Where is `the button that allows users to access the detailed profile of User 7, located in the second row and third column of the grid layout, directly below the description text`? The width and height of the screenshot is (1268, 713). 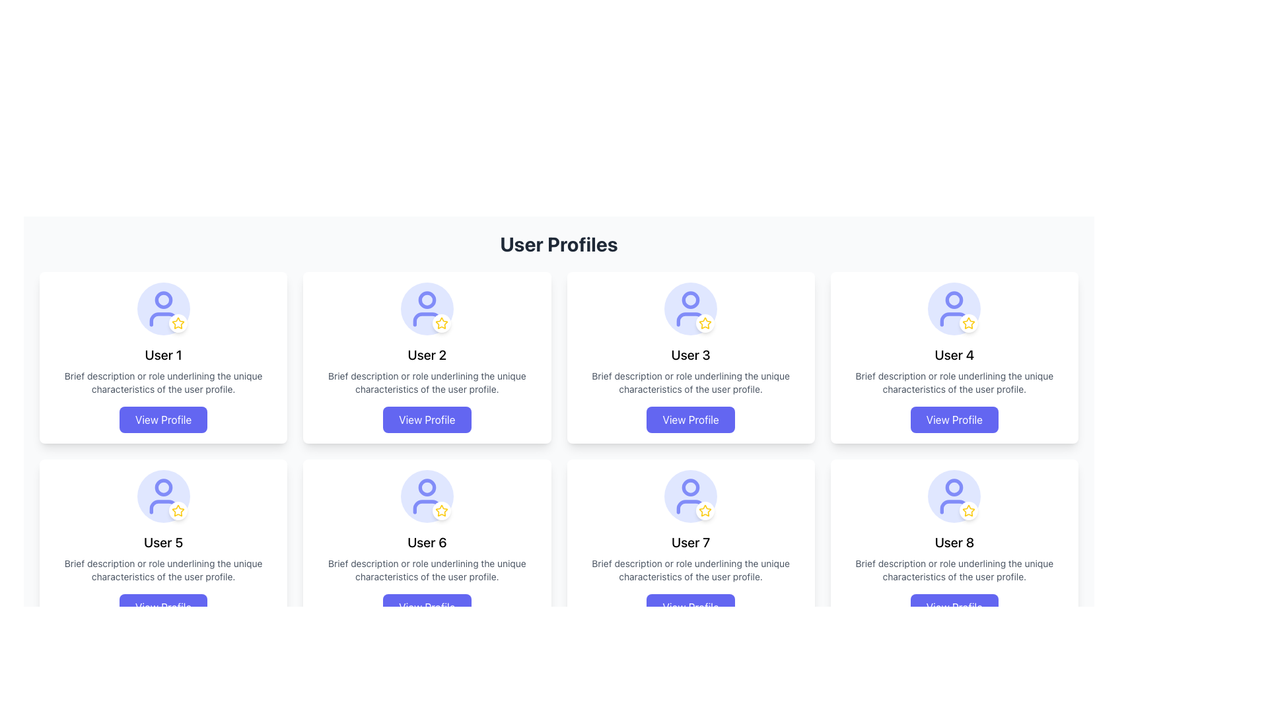
the button that allows users to access the detailed profile of User 7, located in the second row and third column of the grid layout, directly below the description text is located at coordinates (690, 607).